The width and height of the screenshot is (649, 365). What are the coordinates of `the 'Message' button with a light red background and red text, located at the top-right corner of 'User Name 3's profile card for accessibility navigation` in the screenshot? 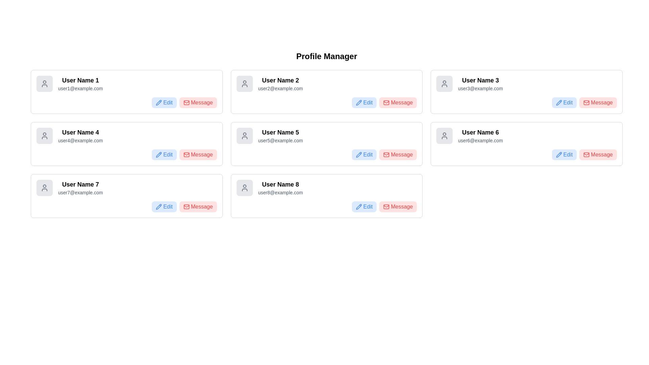 It's located at (598, 103).